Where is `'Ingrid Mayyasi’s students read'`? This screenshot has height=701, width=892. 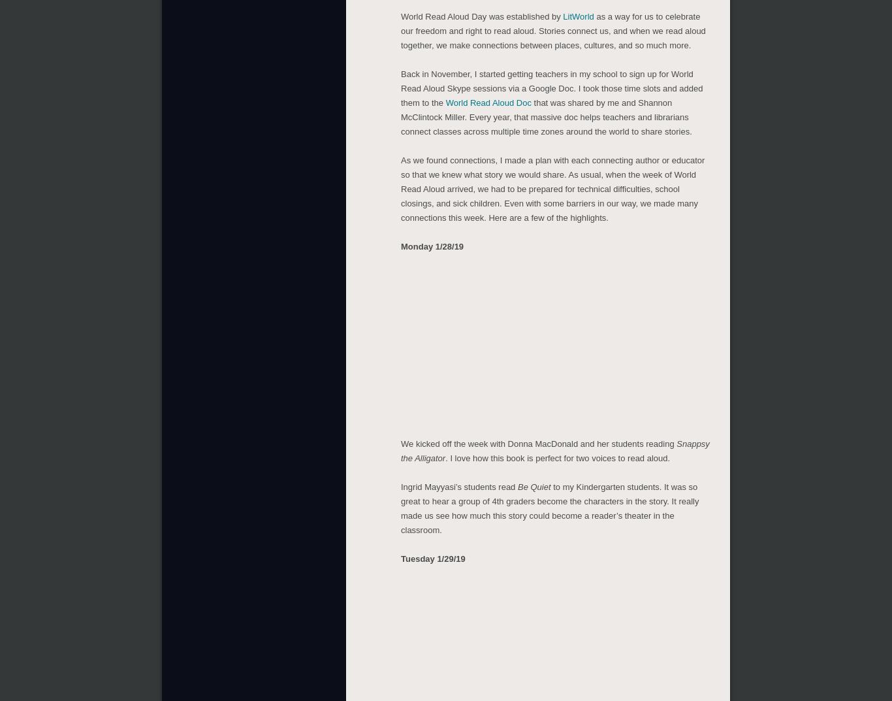 'Ingrid Mayyasi’s students read' is located at coordinates (458, 483).